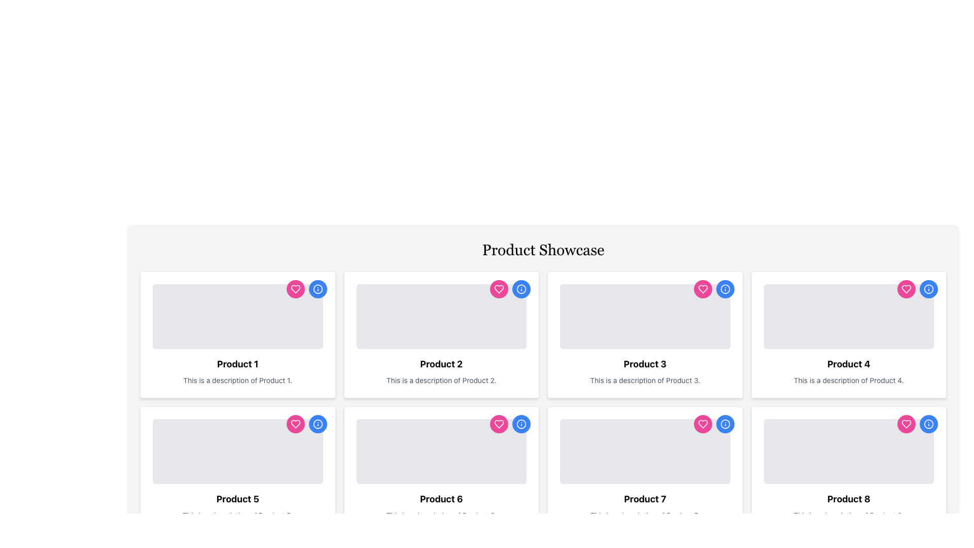 The height and width of the screenshot is (548, 974). Describe the element at coordinates (724, 424) in the screenshot. I see `the circular blue button with white text and an information icon located at the bottom right of Product 8's card` at that location.